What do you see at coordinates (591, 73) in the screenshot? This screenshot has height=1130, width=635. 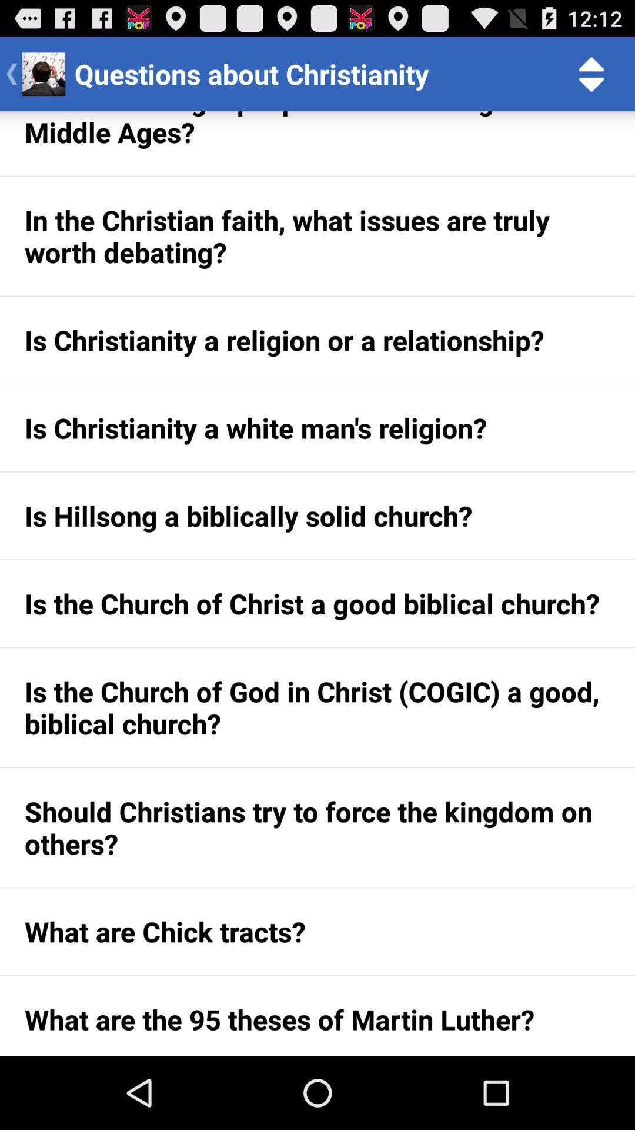 I see `the icon above the how was the` at bounding box center [591, 73].